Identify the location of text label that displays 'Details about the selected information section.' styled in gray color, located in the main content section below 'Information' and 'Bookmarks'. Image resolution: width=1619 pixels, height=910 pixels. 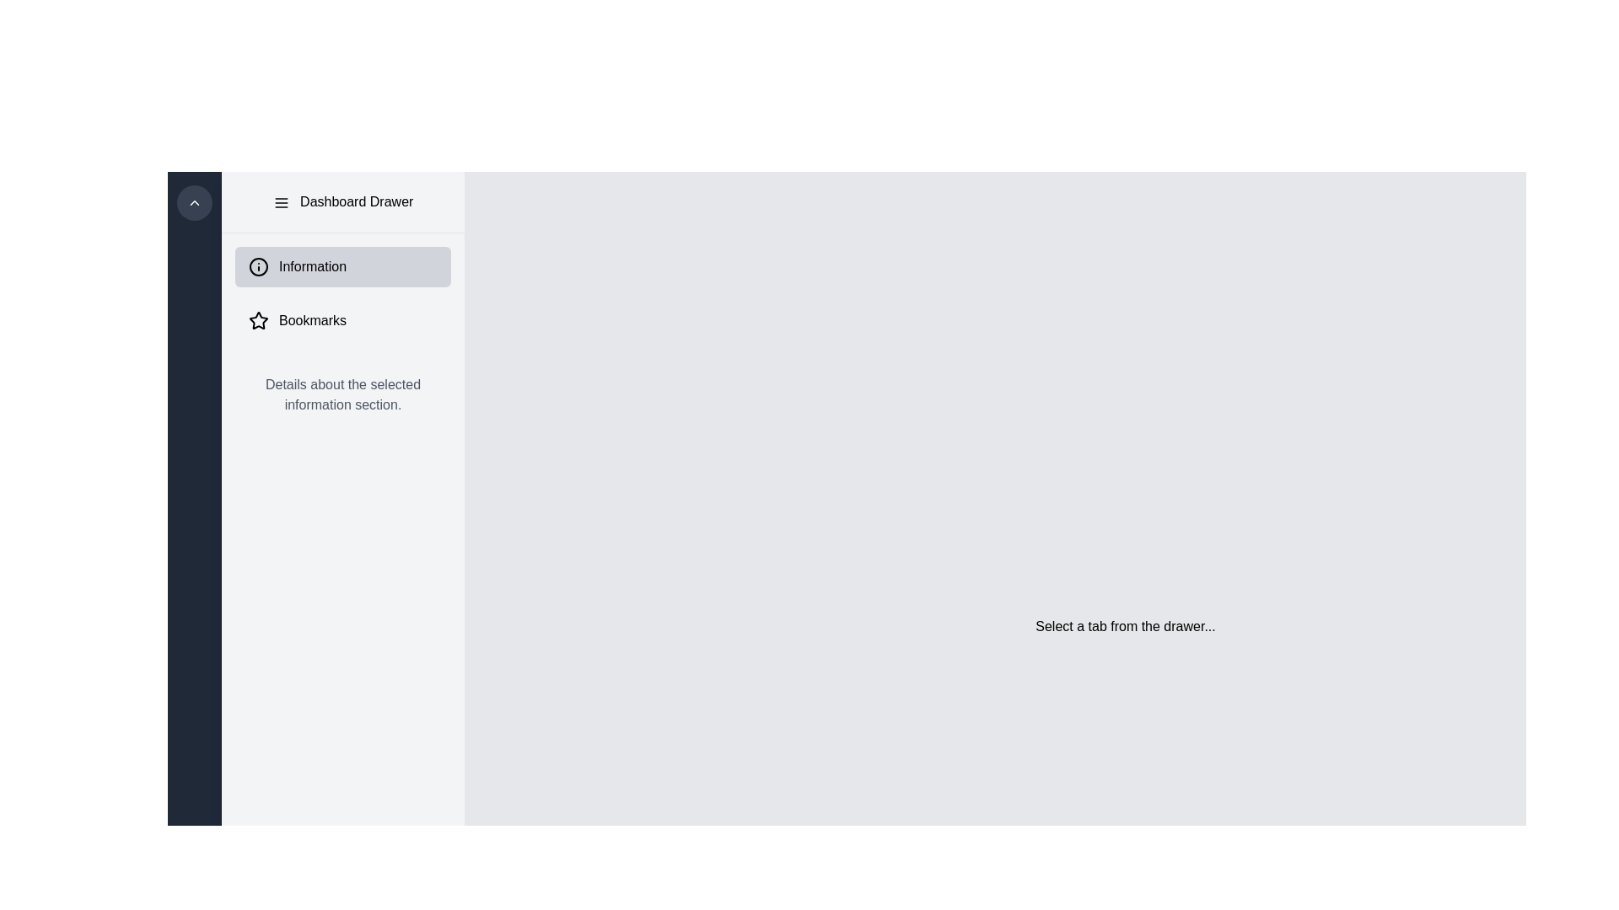
(342, 395).